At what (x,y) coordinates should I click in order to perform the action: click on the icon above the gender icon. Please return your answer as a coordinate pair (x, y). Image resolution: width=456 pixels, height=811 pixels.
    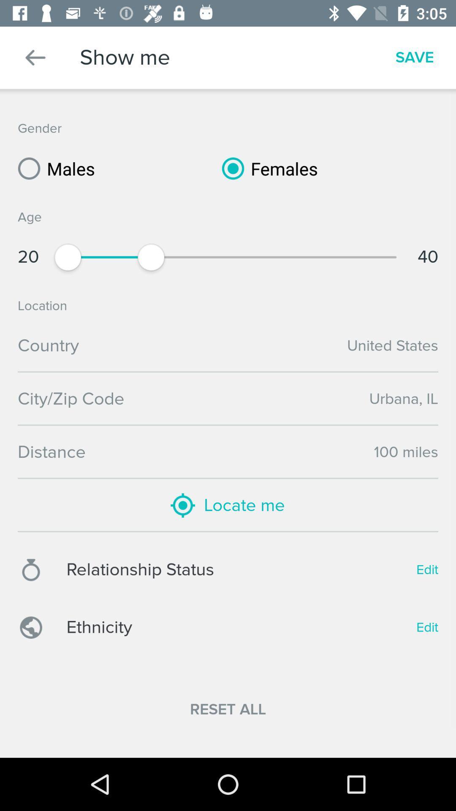
    Looking at the image, I should click on (35, 57).